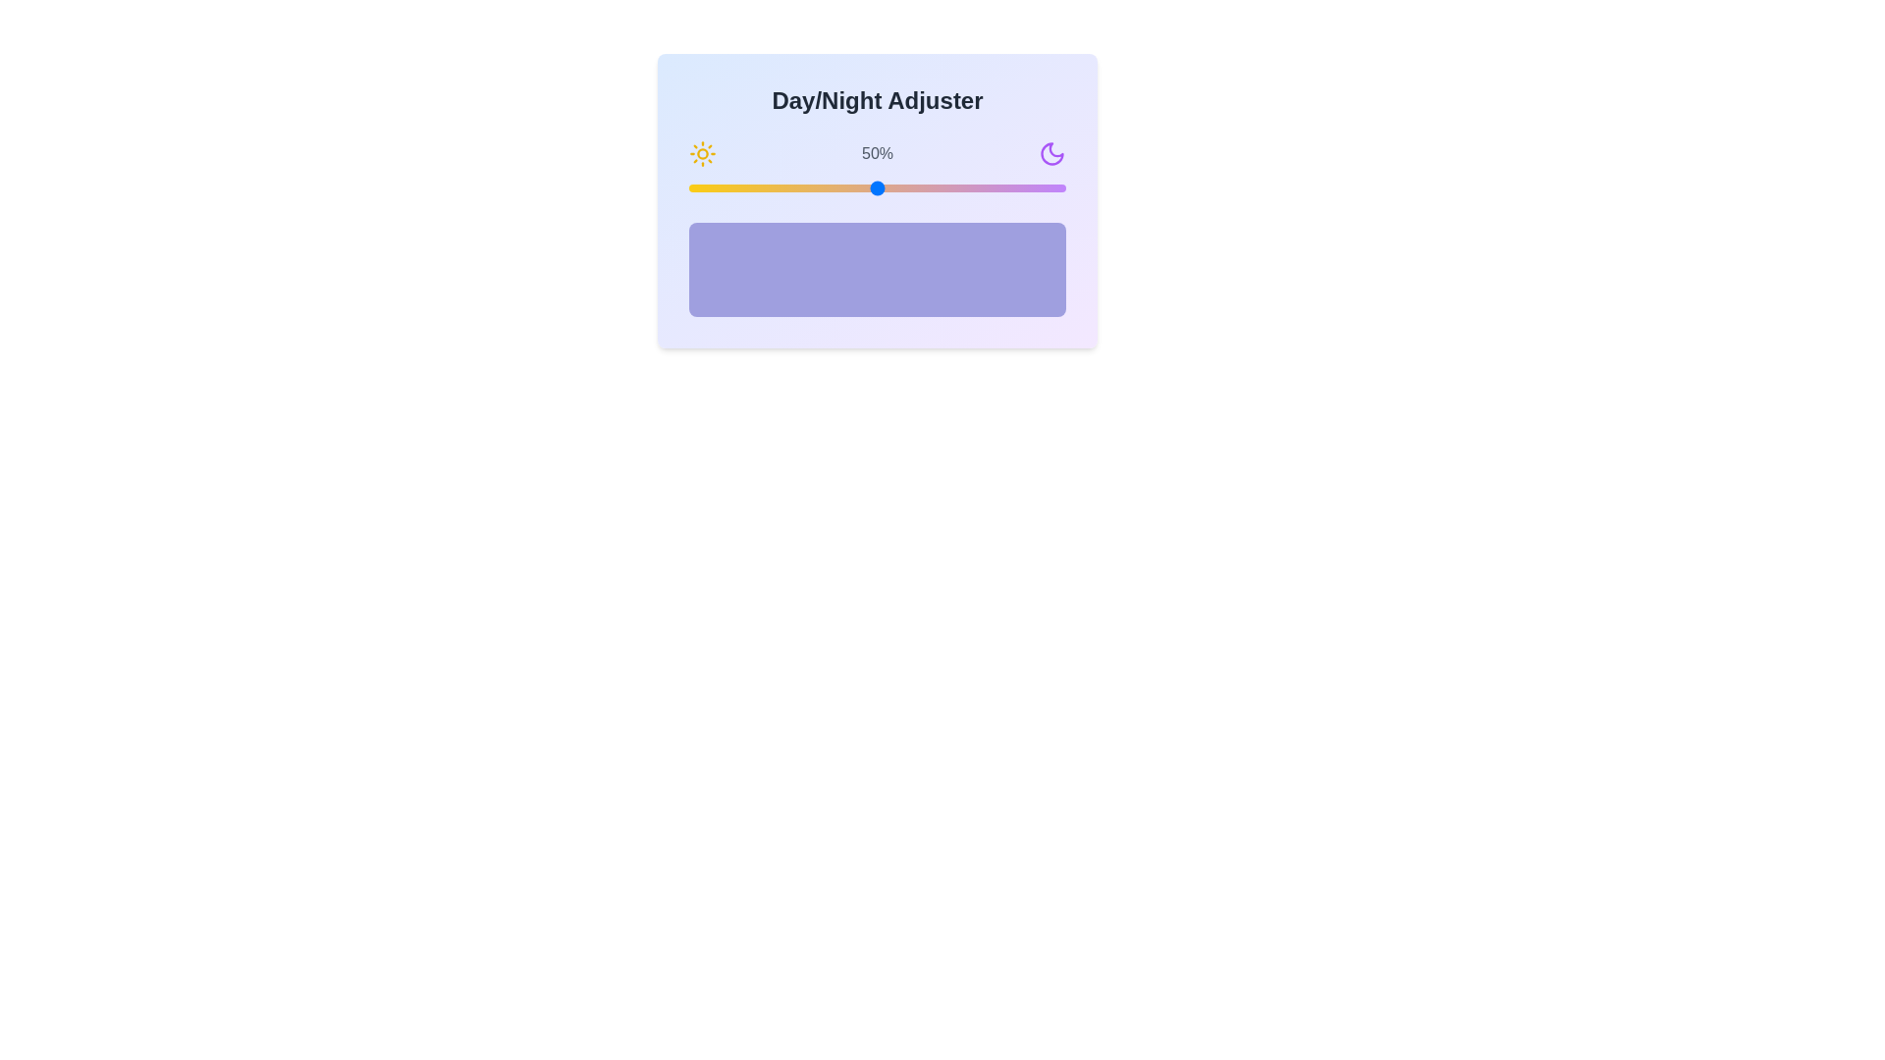 This screenshot has height=1060, width=1885. I want to click on the slider to set the value to 81%, so click(994, 188).